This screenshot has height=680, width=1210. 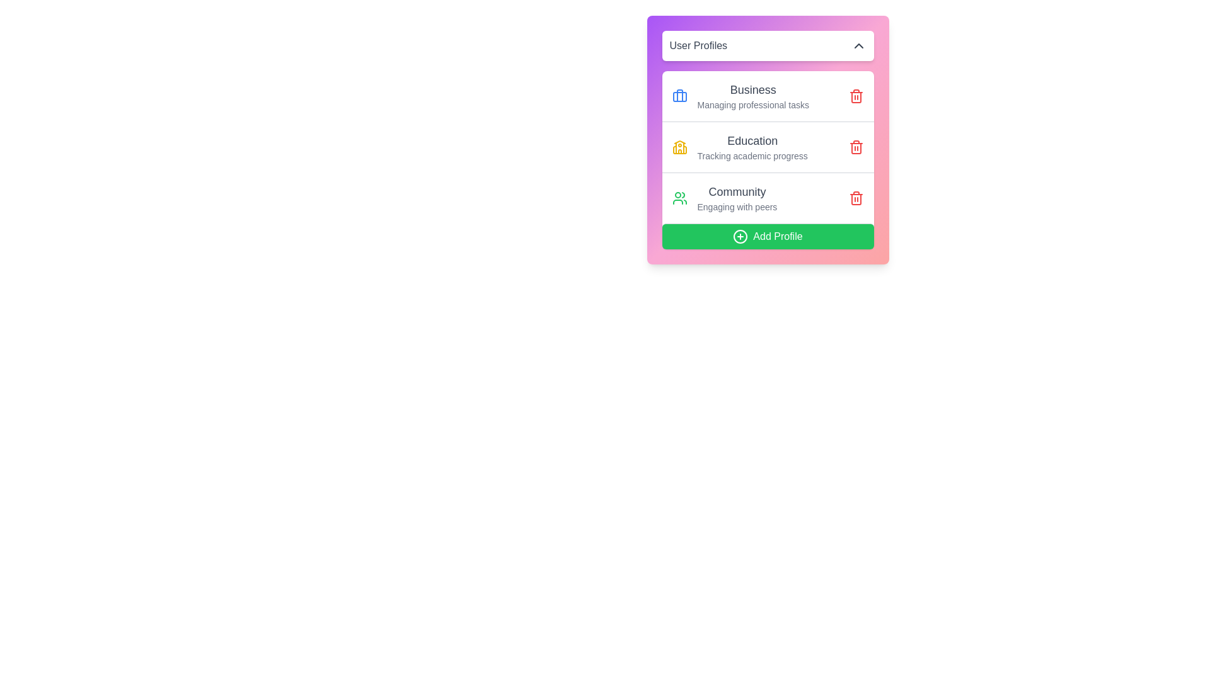 I want to click on the second list item in the Education category, which includes a delete action icon on the right, positioned between the Business and Community items, so click(x=767, y=146).